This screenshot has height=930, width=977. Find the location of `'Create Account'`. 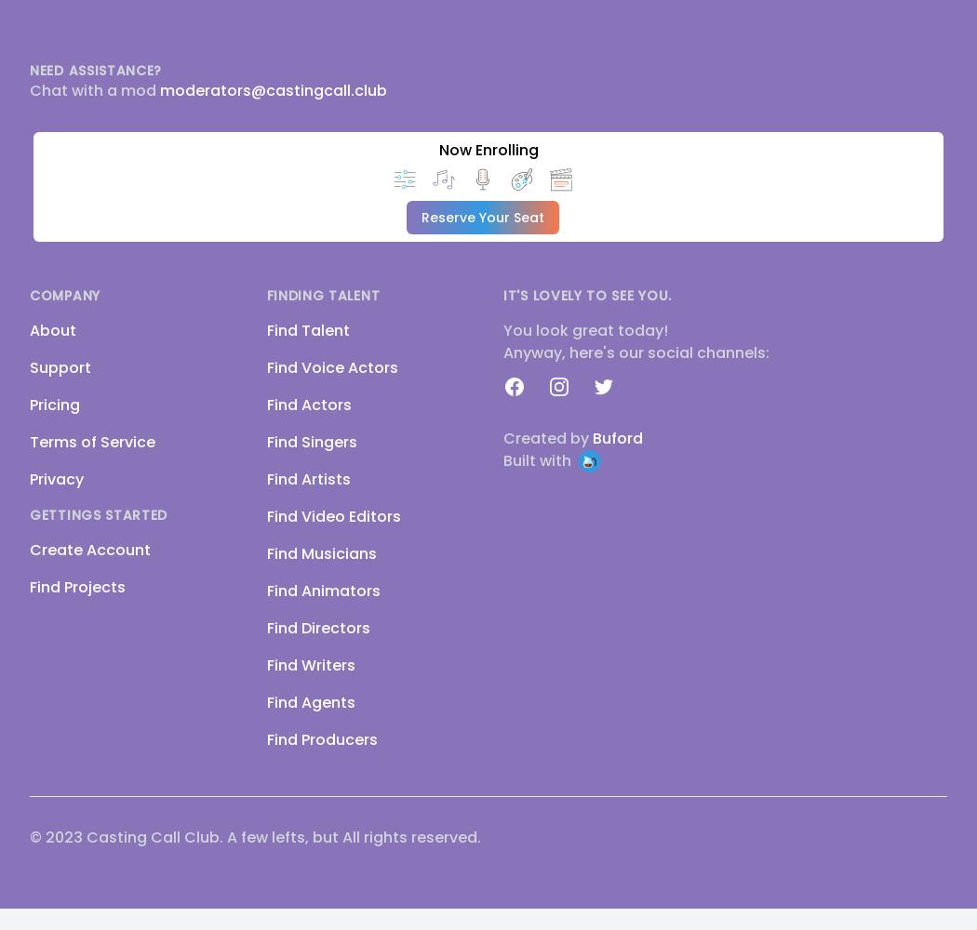

'Create Account' is located at coordinates (30, 549).